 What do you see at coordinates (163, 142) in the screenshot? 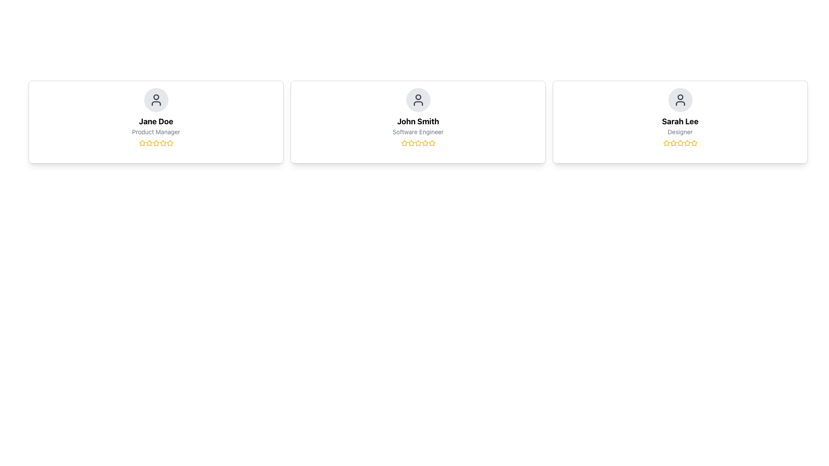
I see `the fifth star in the 5-star rating system below the user profile of 'Jane Doe - Product Manager'` at bounding box center [163, 142].